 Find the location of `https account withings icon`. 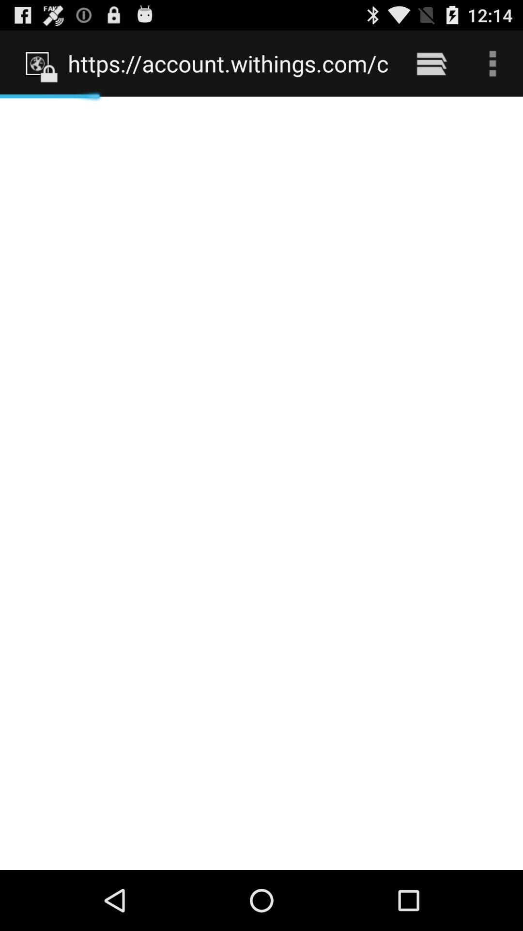

https account withings icon is located at coordinates (229, 63).